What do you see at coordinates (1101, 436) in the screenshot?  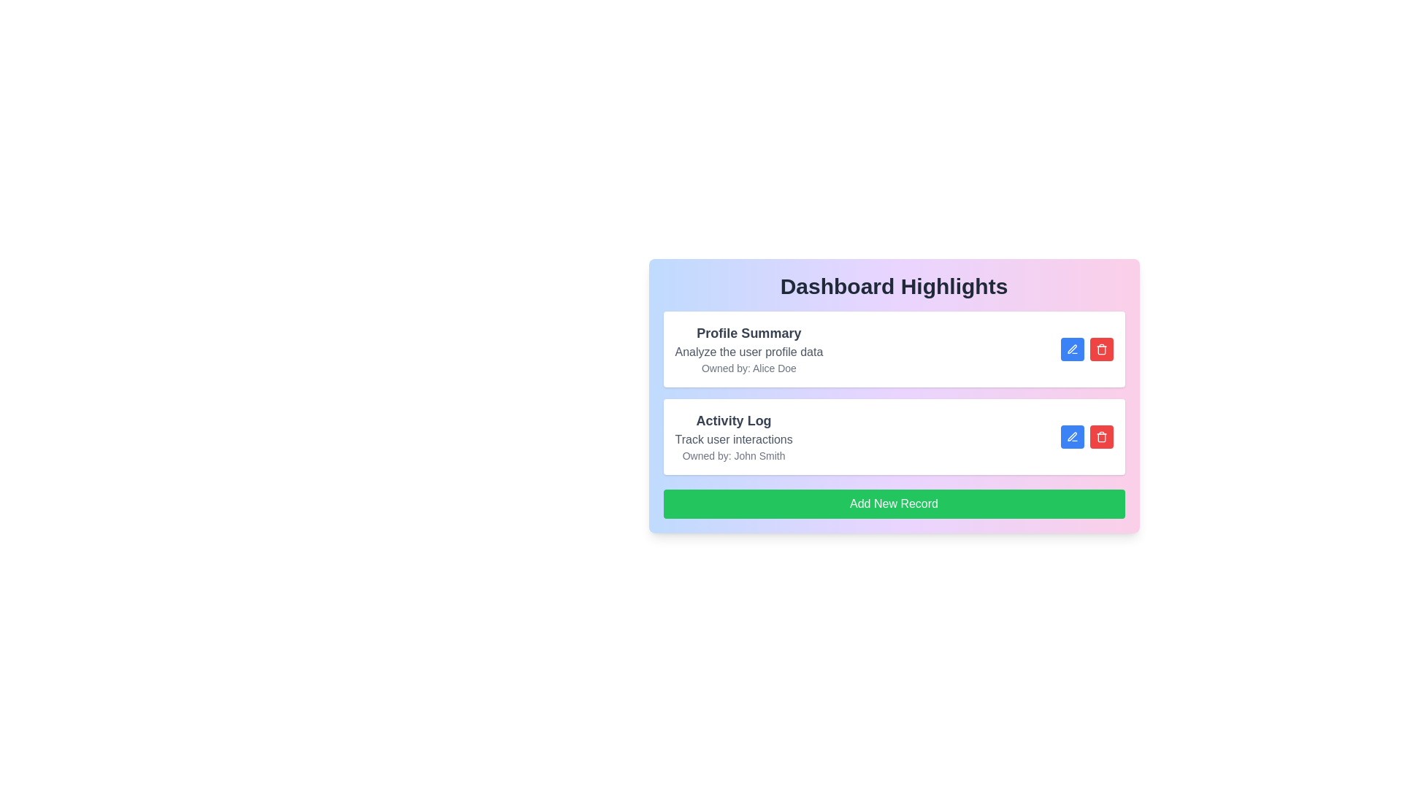 I see `the delete button located on the far right side of the button row in the 'Activity Log' section of the 'Dashboard Highlights', which is intended for removing the associated 'Activity Log' item` at bounding box center [1101, 436].